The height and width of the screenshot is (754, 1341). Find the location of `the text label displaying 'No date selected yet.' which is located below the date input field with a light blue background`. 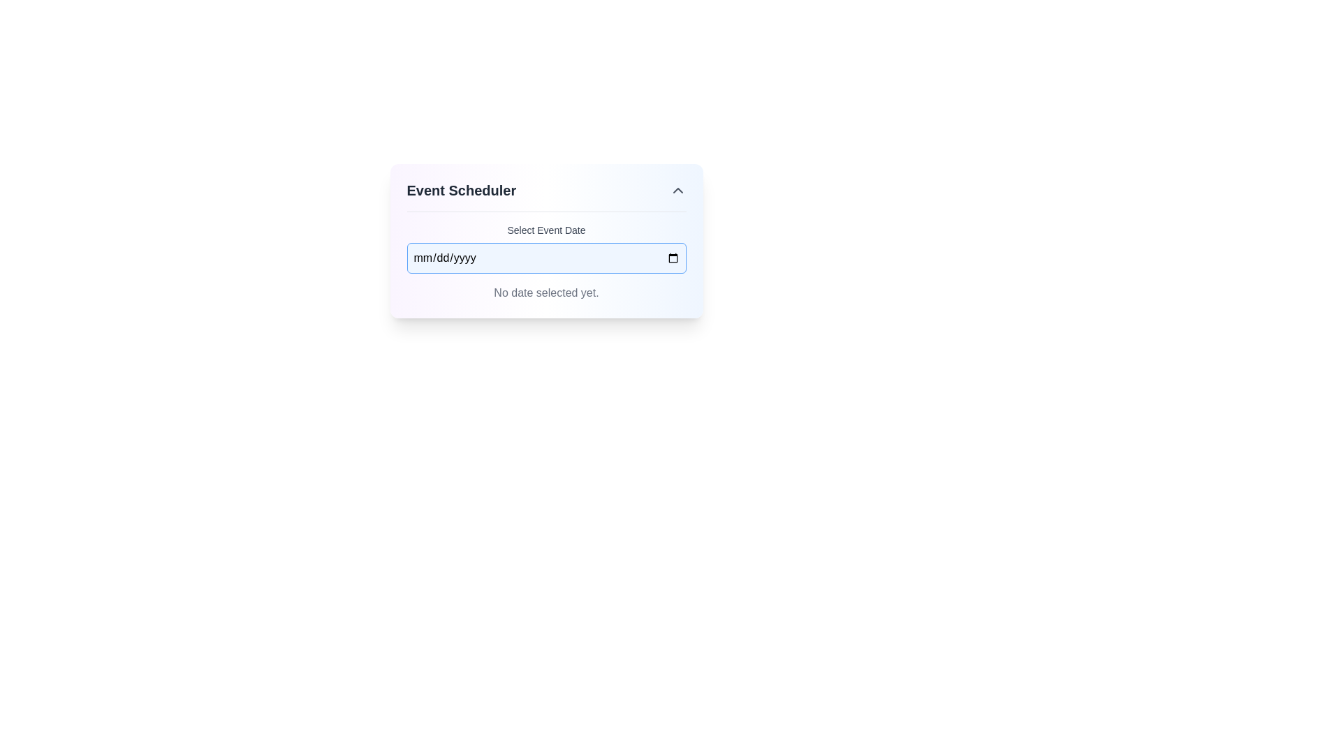

the text label displaying 'No date selected yet.' which is located below the date input field with a light blue background is located at coordinates (545, 293).